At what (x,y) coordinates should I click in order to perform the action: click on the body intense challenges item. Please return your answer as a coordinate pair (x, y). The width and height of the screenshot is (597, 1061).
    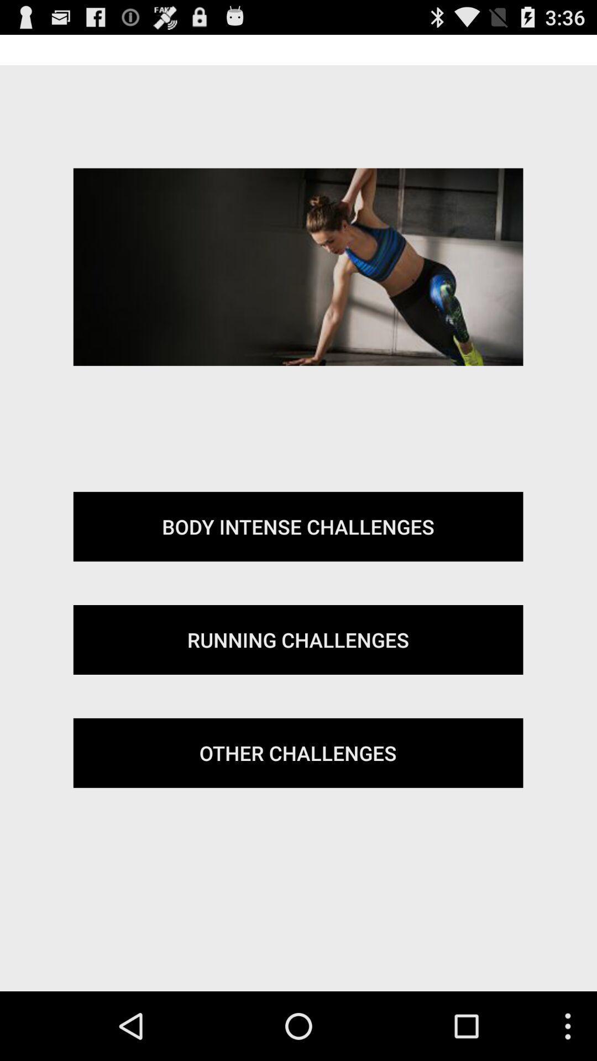
    Looking at the image, I should click on (297, 526).